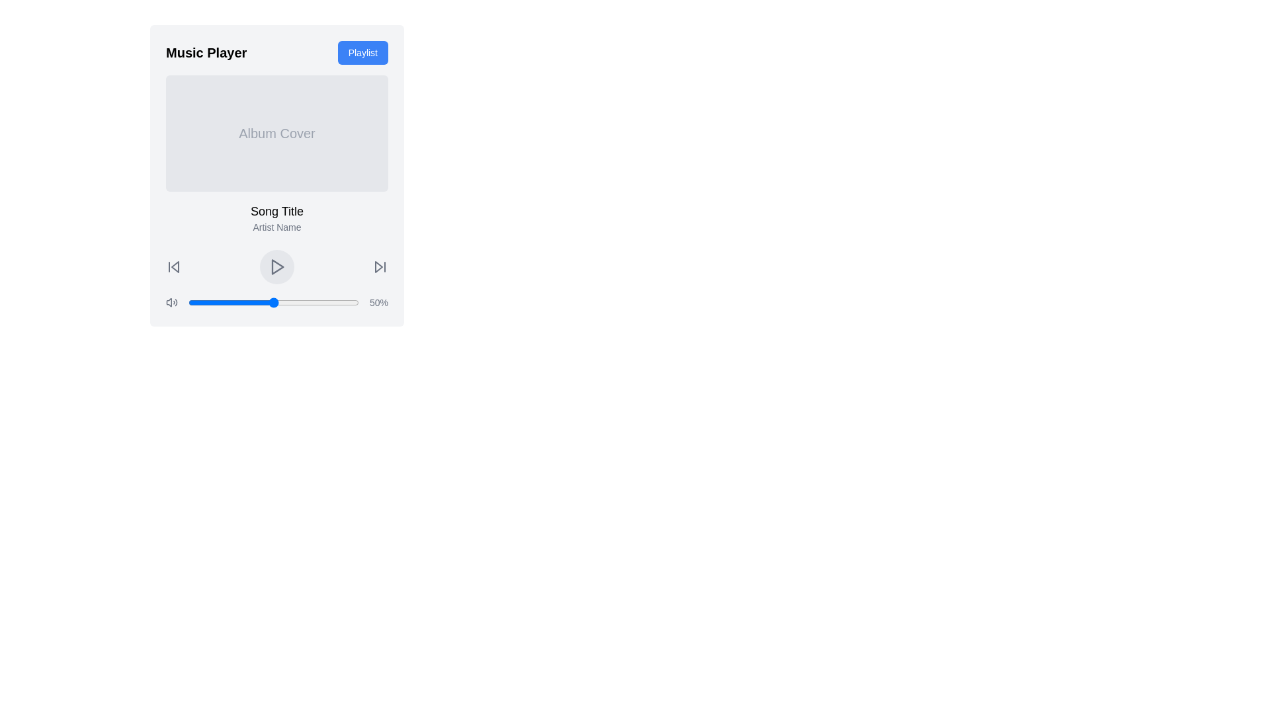  Describe the element at coordinates (217, 303) in the screenshot. I see `the volume` at that location.